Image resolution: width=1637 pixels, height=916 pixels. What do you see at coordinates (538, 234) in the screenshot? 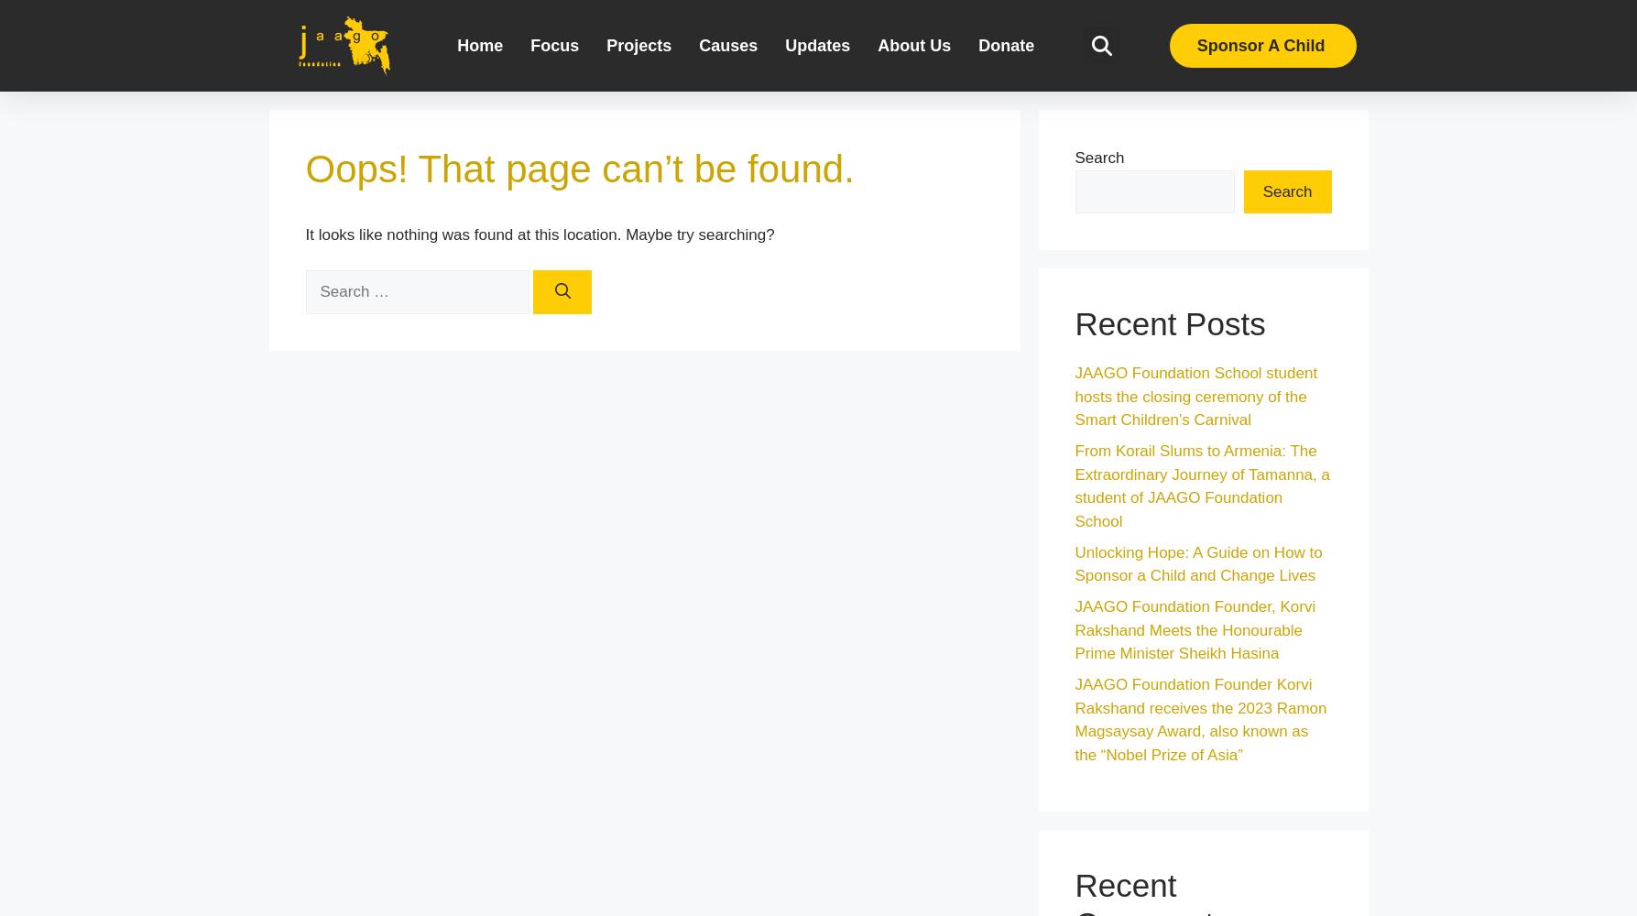
I see `'It looks like nothing was found at this location. Maybe try searching?'` at bounding box center [538, 234].